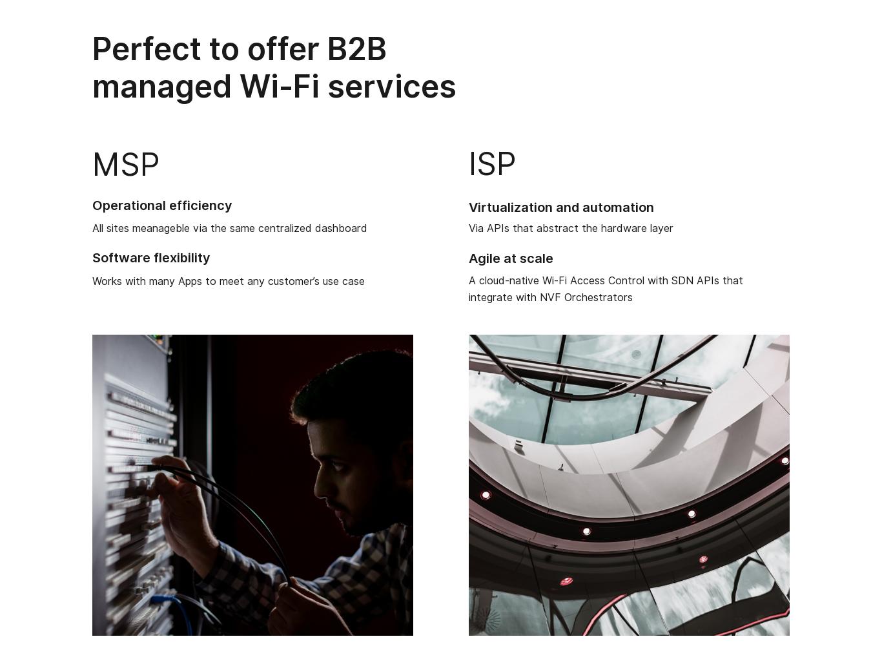  What do you see at coordinates (273, 85) in the screenshot?
I see `'managed Wi-Fi services'` at bounding box center [273, 85].